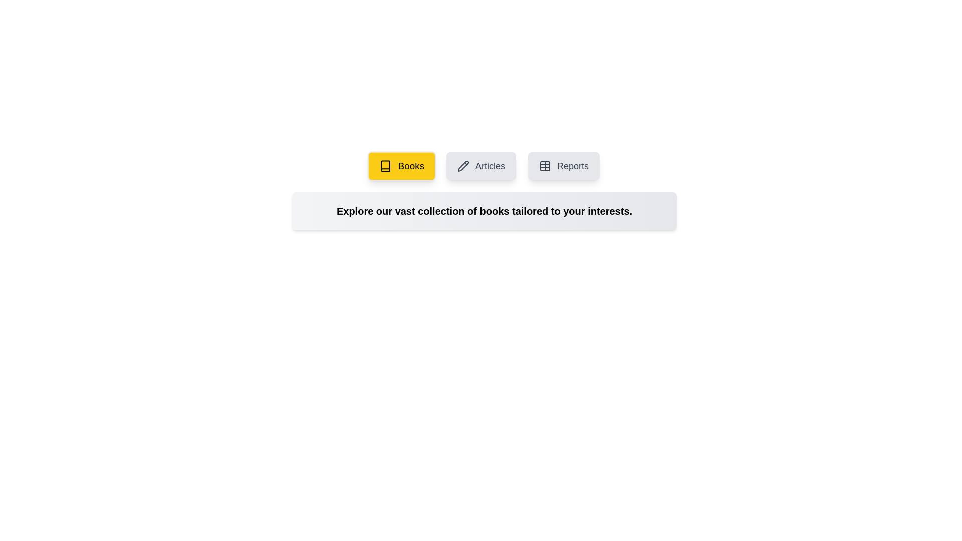 This screenshot has width=962, height=541. What do you see at coordinates (401, 165) in the screenshot?
I see `the 'Books' button located to the left of the 'Articles' and 'Reports' buttons` at bounding box center [401, 165].